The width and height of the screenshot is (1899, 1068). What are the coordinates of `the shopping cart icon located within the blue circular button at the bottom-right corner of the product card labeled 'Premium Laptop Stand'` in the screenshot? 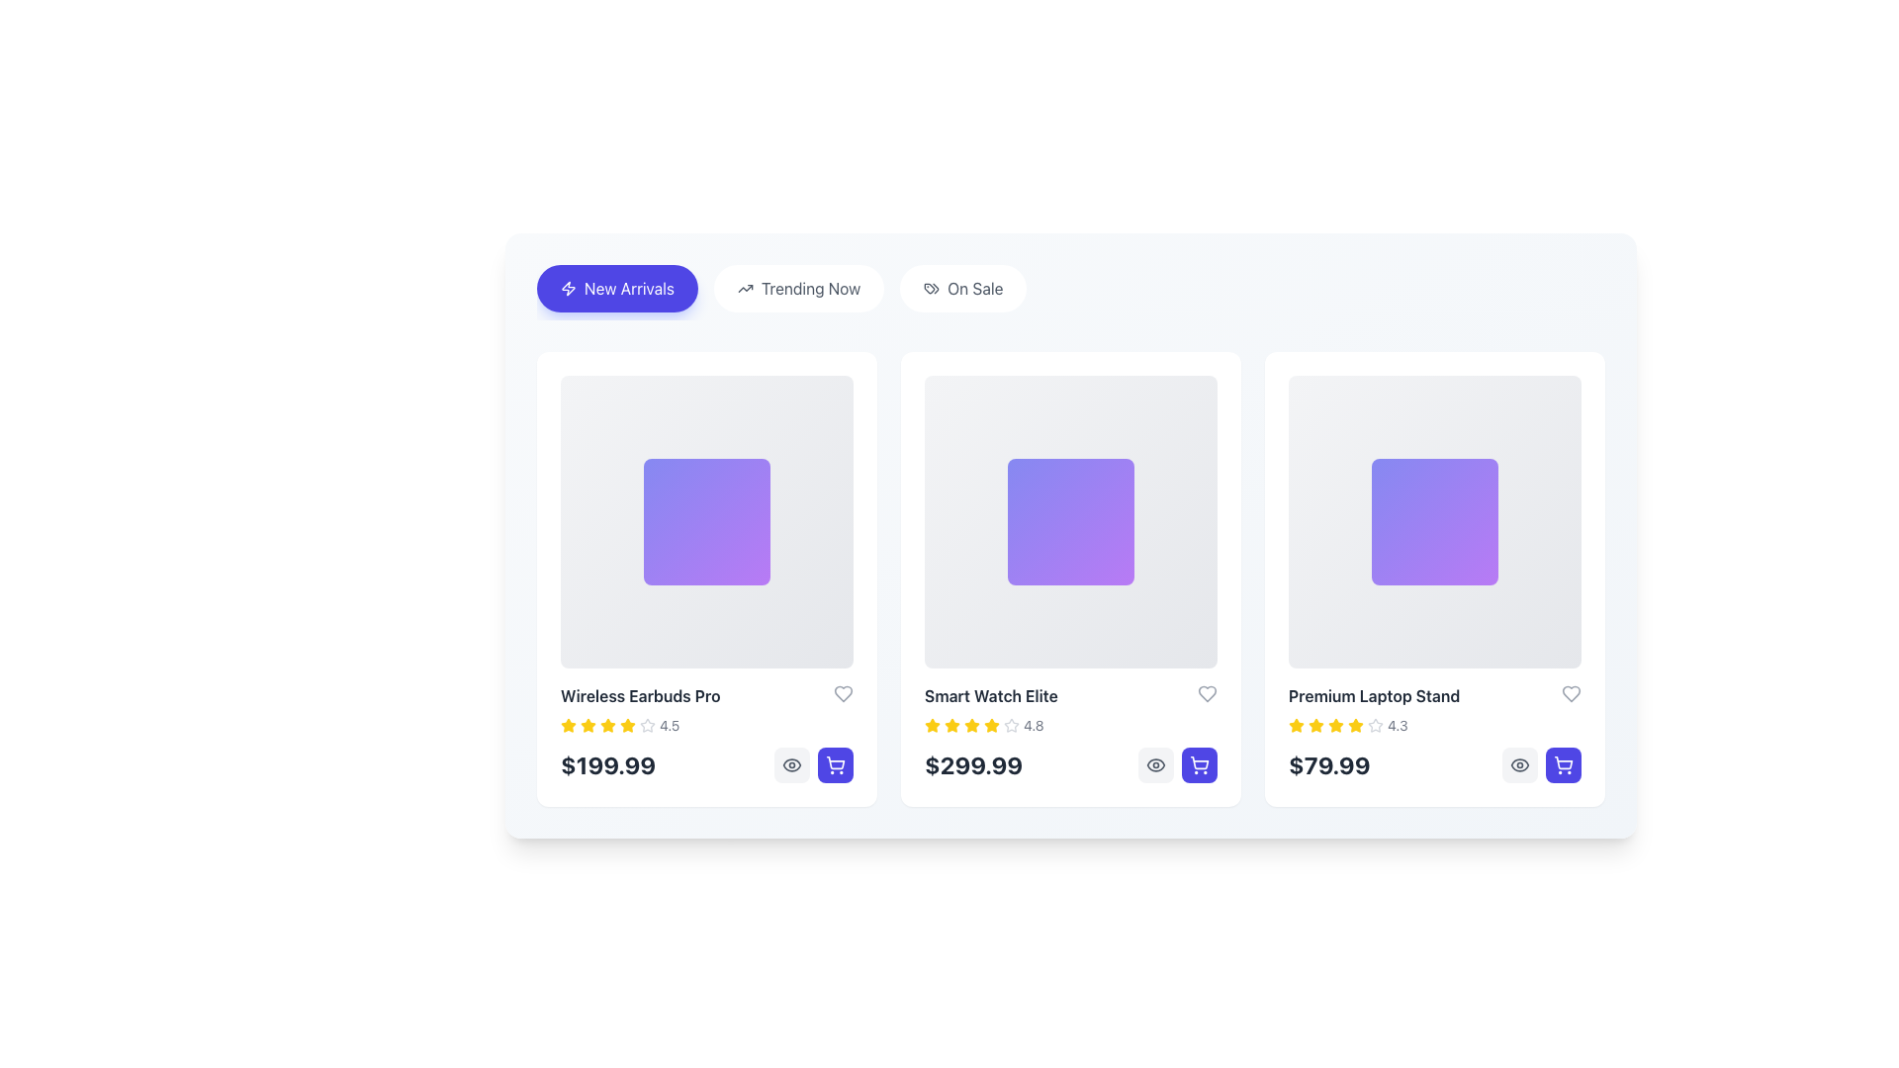 It's located at (1199, 761).